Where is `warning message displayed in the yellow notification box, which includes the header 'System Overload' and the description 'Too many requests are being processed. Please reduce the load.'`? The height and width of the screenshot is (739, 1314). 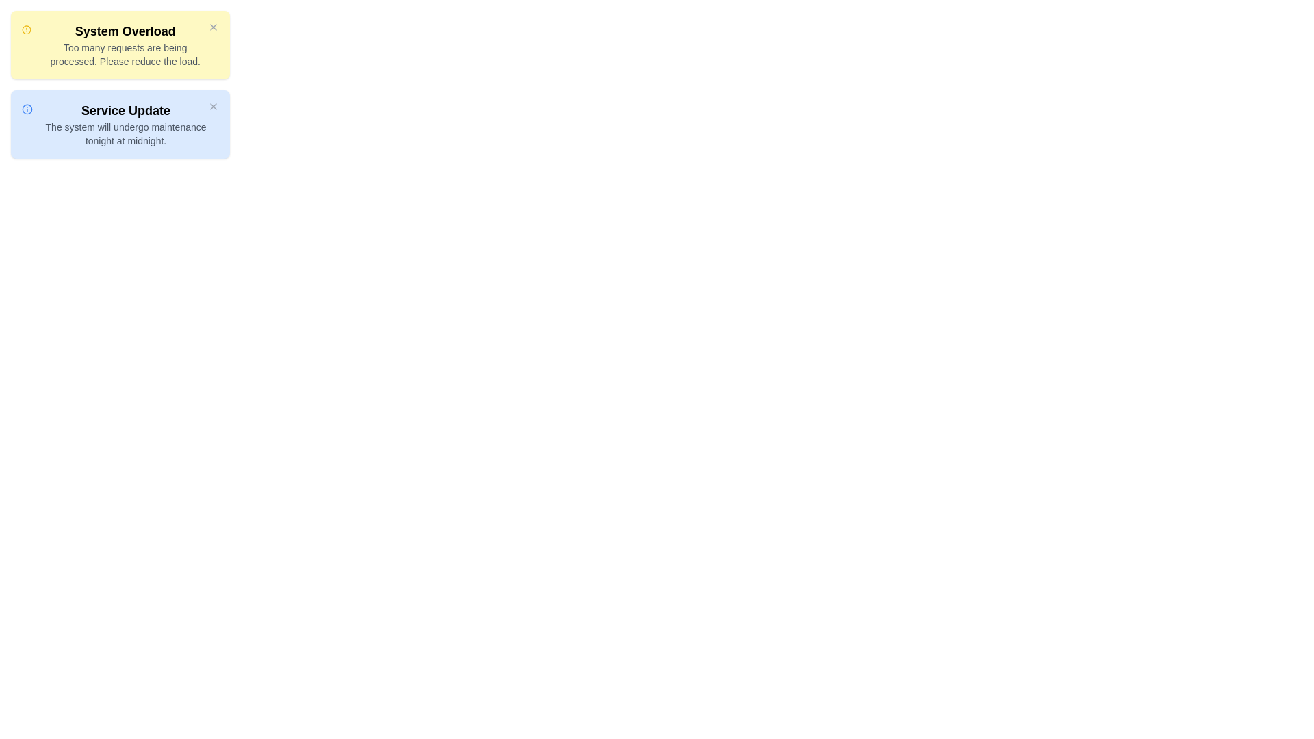
warning message displayed in the yellow notification box, which includes the header 'System Overload' and the description 'Too many requests are being processed. Please reduce the load.' is located at coordinates (125, 44).